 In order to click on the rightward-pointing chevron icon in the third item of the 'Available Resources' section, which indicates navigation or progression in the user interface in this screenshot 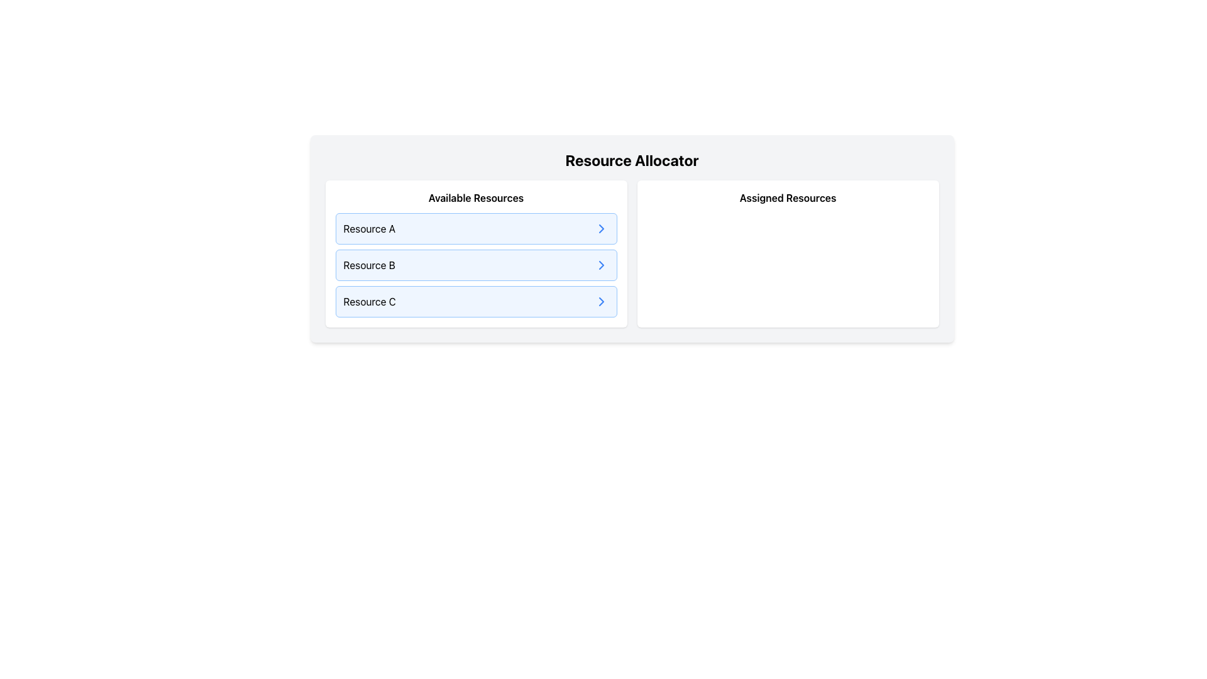, I will do `click(600, 301)`.